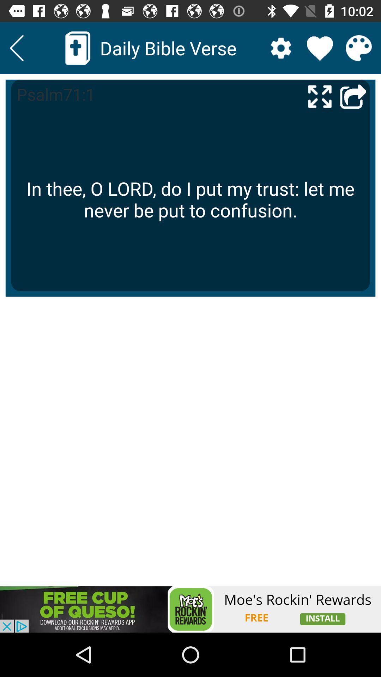 The image size is (381, 677). What do you see at coordinates (190, 609) in the screenshot?
I see `download advertised app` at bounding box center [190, 609].